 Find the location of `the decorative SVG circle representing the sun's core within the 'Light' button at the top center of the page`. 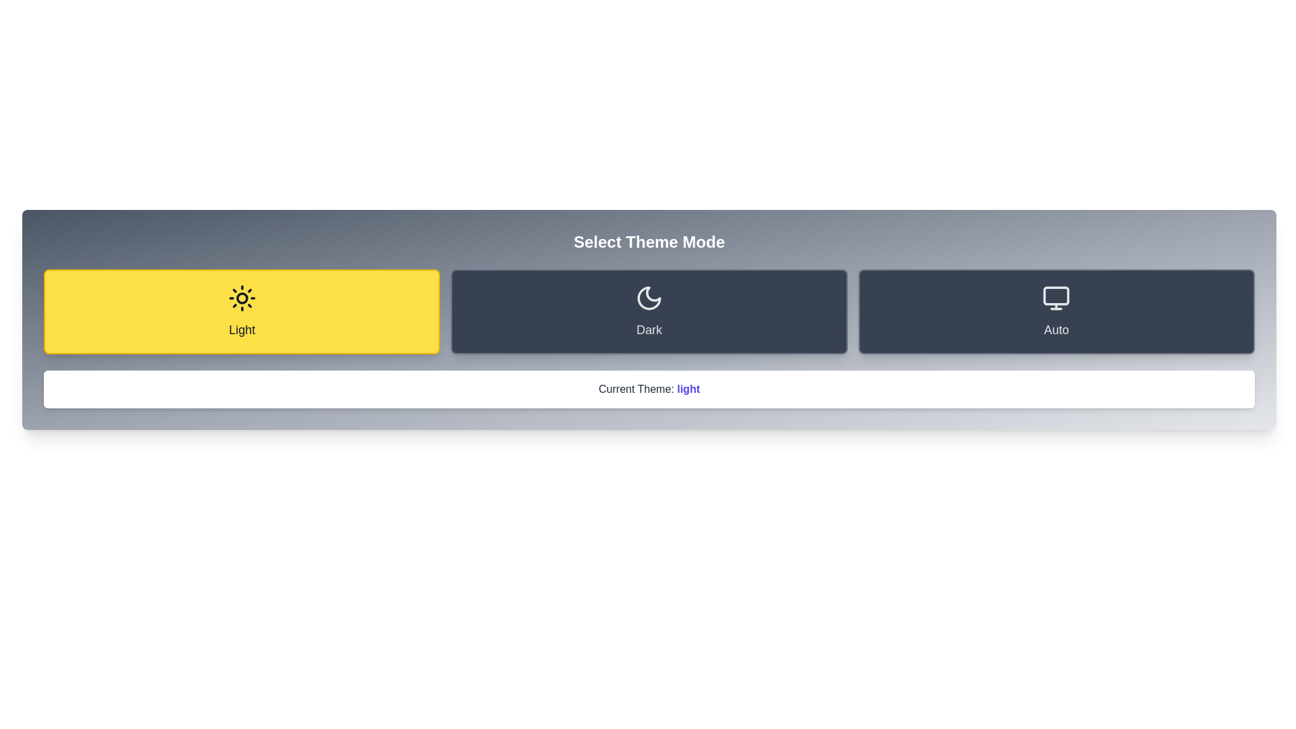

the decorative SVG circle representing the sun's core within the 'Light' button at the top center of the page is located at coordinates (242, 298).